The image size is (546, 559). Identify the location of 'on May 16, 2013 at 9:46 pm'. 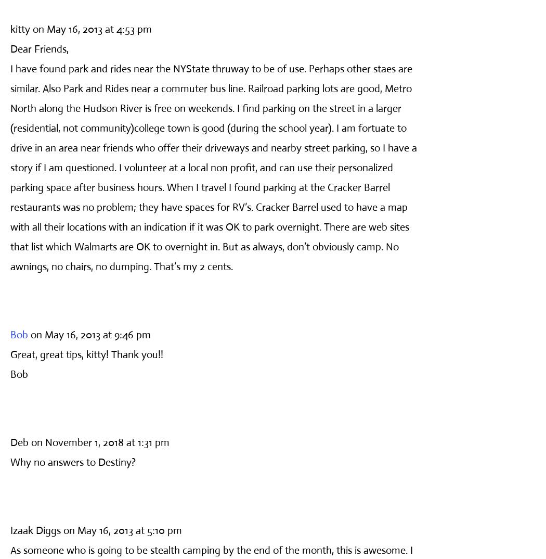
(30, 334).